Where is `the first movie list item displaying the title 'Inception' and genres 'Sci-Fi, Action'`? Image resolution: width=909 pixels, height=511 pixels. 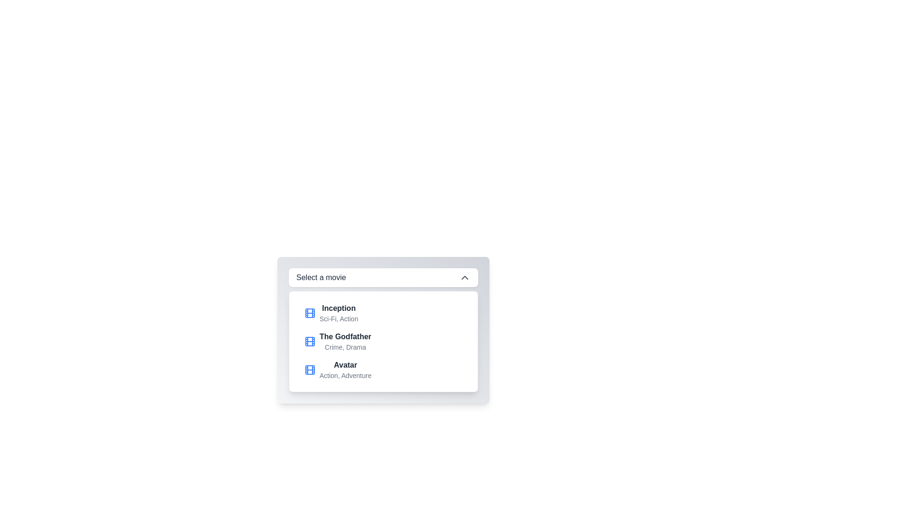 the first movie list item displaying the title 'Inception' and genres 'Sci-Fi, Action' is located at coordinates (383, 313).